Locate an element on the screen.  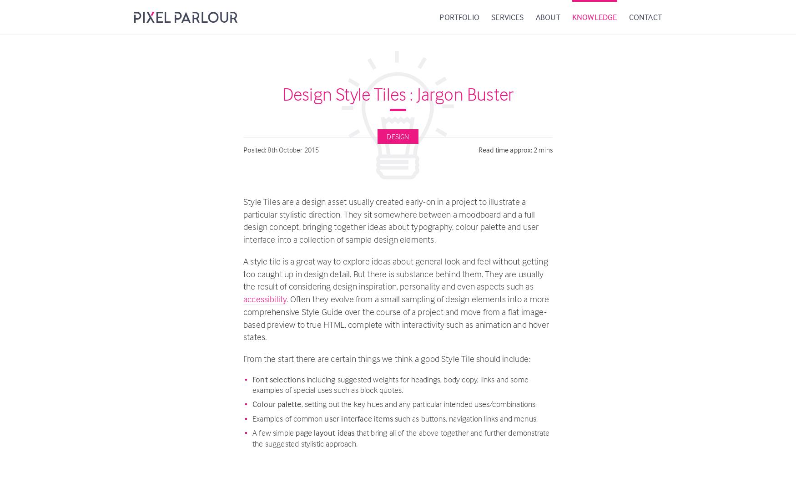
'A style tile is a great way to explore ideas about general look and feel without getting too caught up in design detail. But there is substance behind them. They are usually the result of considering design inspiration, personality and even aspects such as' is located at coordinates (395, 273).